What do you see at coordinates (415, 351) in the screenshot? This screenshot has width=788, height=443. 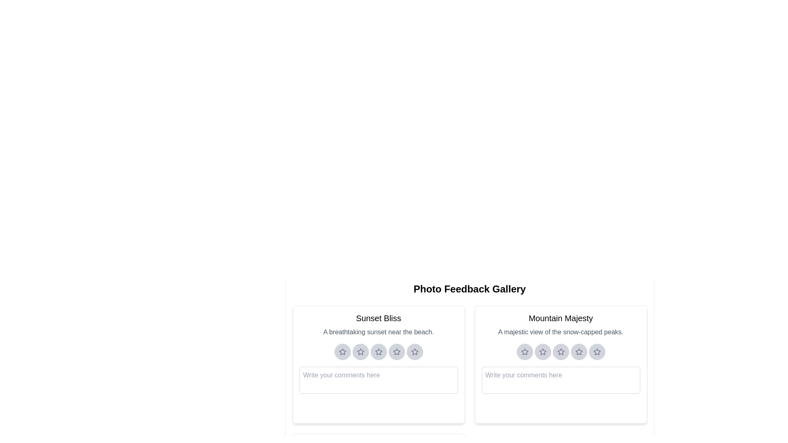 I see `the circular button with a light gray background and star icon at the center of the 'Sunset Bliss' card in the 'Photo Feedback Gallery'` at bounding box center [415, 351].